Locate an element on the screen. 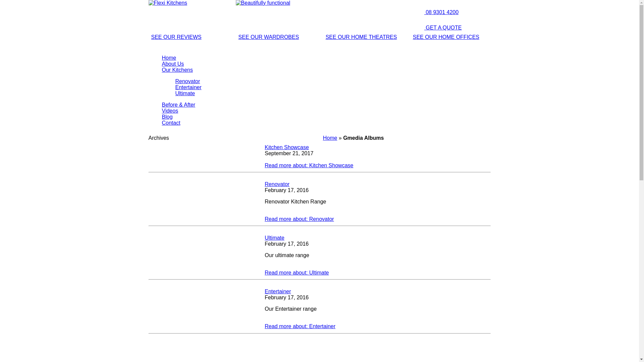 This screenshot has width=644, height=362. 'Before & After' is located at coordinates (178, 105).